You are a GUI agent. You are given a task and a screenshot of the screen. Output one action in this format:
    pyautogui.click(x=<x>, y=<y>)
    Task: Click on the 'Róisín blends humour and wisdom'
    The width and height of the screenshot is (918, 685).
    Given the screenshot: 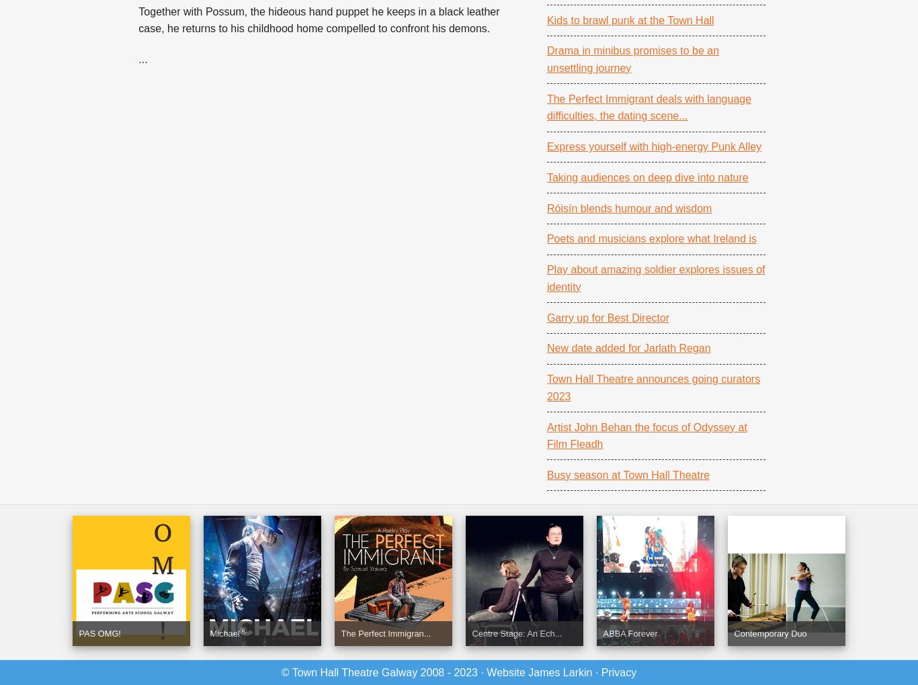 What is the action you would take?
    pyautogui.click(x=628, y=208)
    